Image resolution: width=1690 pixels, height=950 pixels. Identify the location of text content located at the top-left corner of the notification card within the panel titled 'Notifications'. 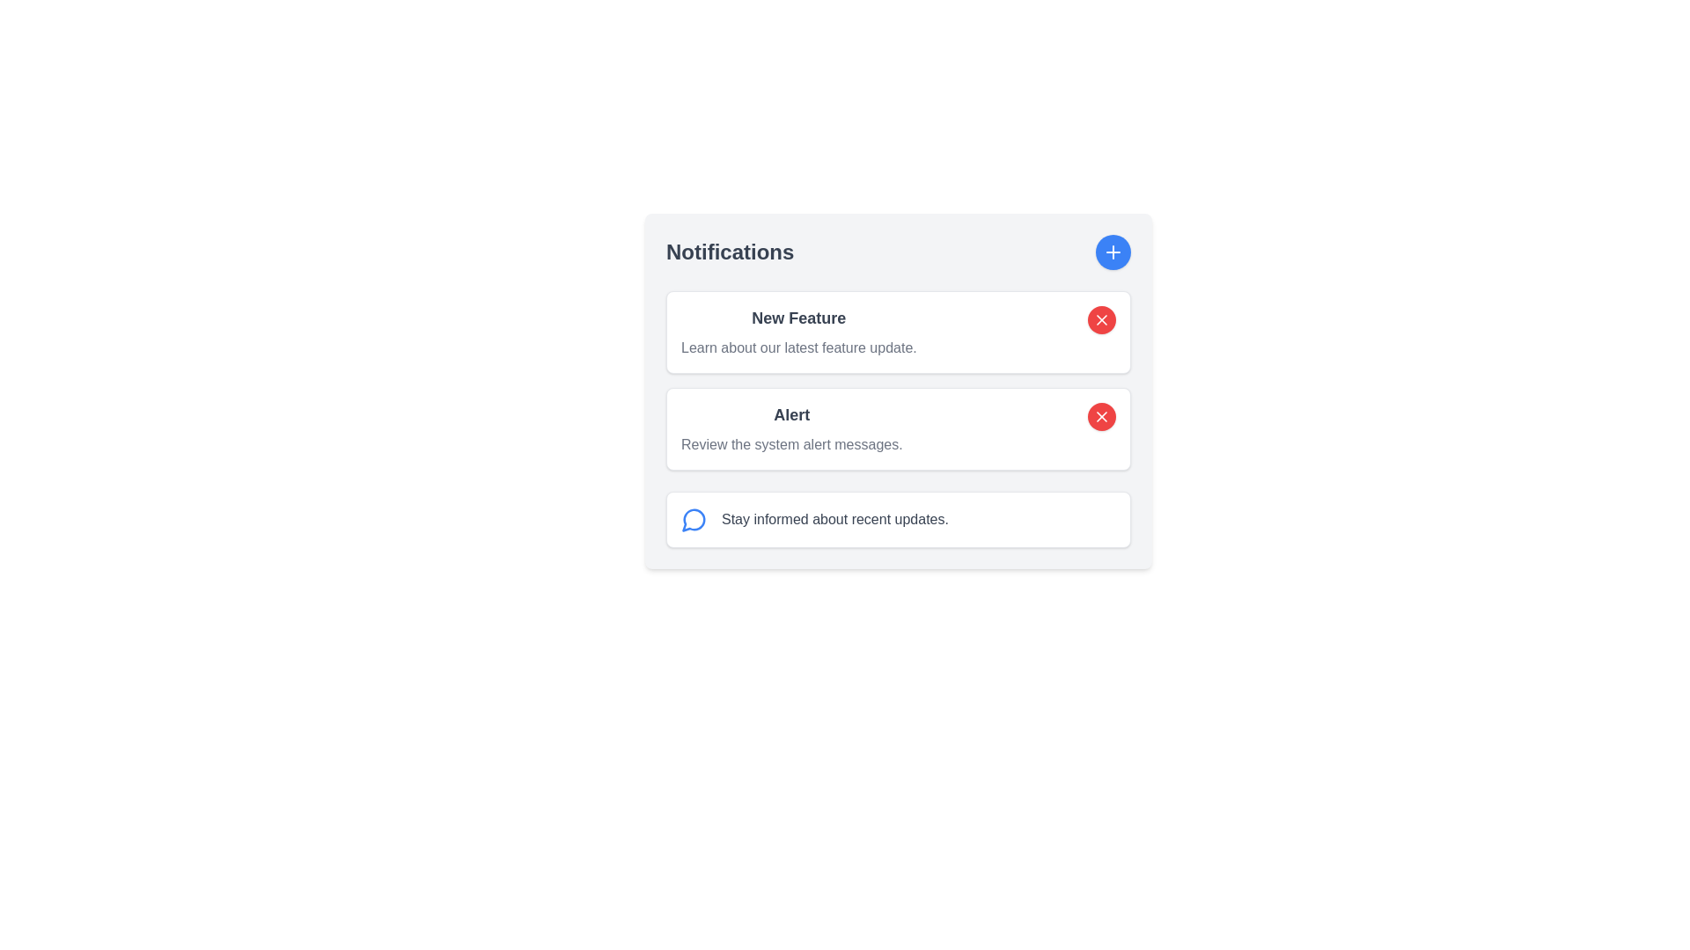
(797, 332).